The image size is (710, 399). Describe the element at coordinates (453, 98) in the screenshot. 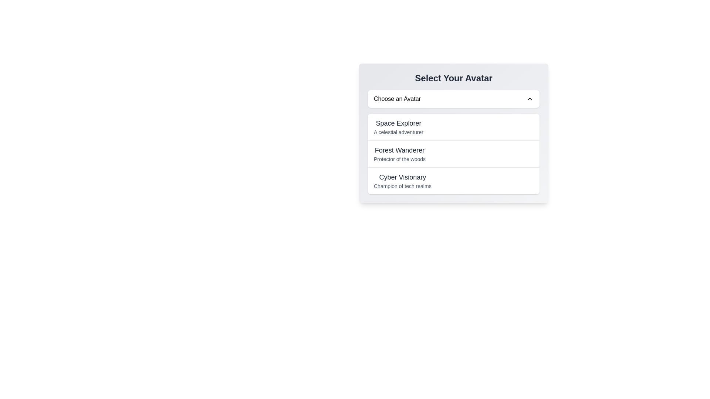

I see `the dropdown toggle located directly underneath the title 'Select Your Avatar'` at that location.